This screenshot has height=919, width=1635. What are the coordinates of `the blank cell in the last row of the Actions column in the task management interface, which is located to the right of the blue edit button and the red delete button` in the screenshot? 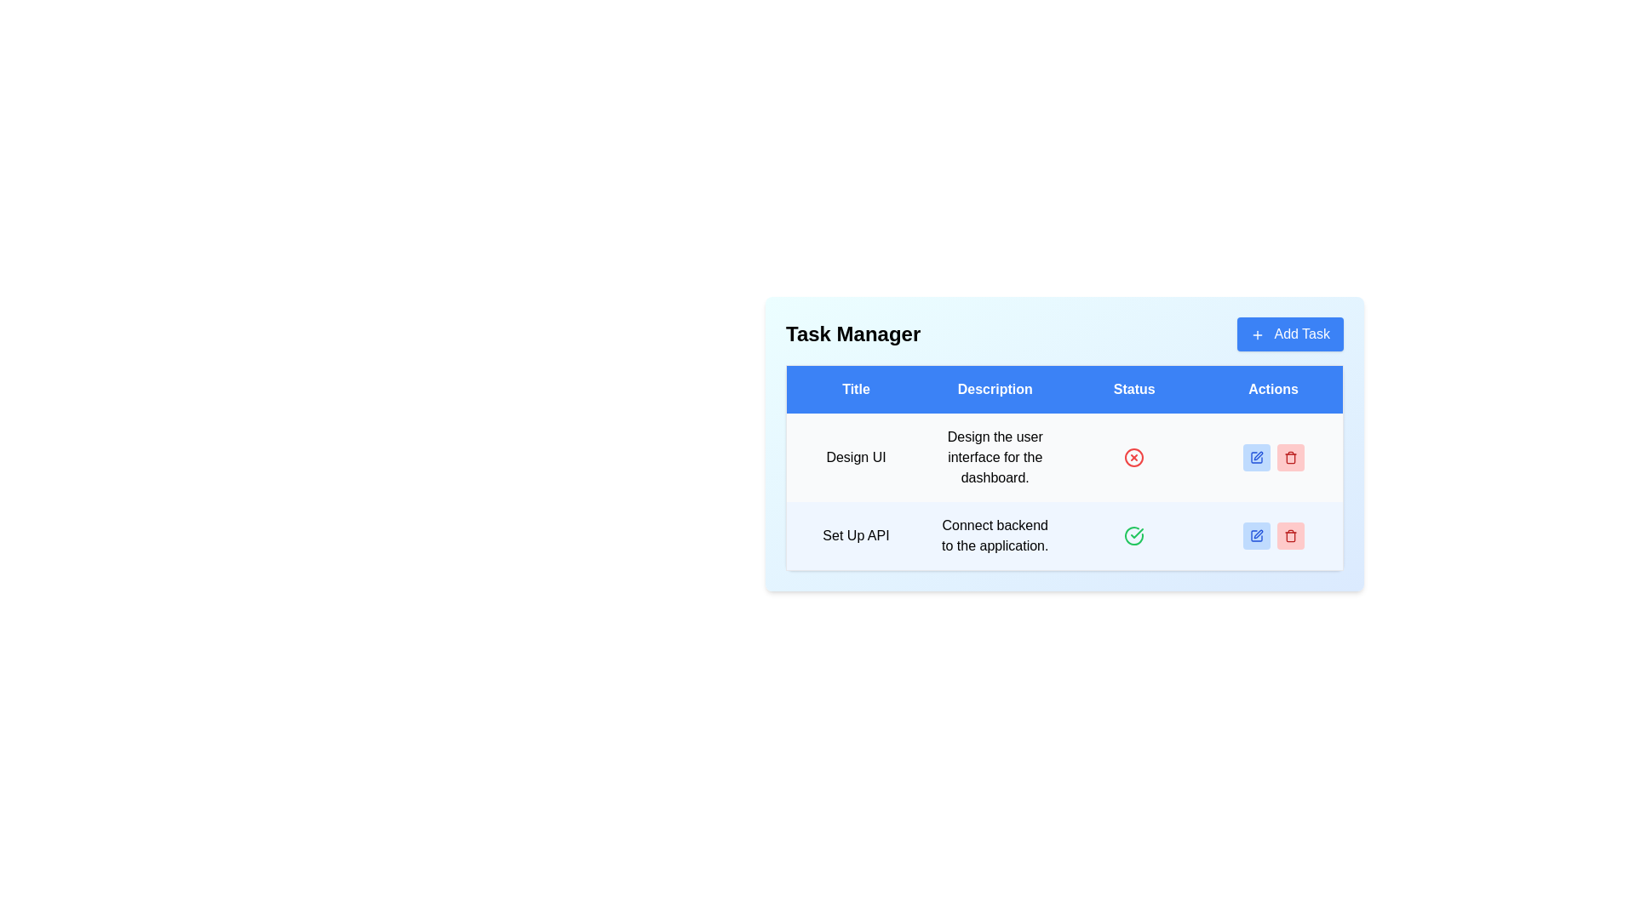 It's located at (1273, 536).